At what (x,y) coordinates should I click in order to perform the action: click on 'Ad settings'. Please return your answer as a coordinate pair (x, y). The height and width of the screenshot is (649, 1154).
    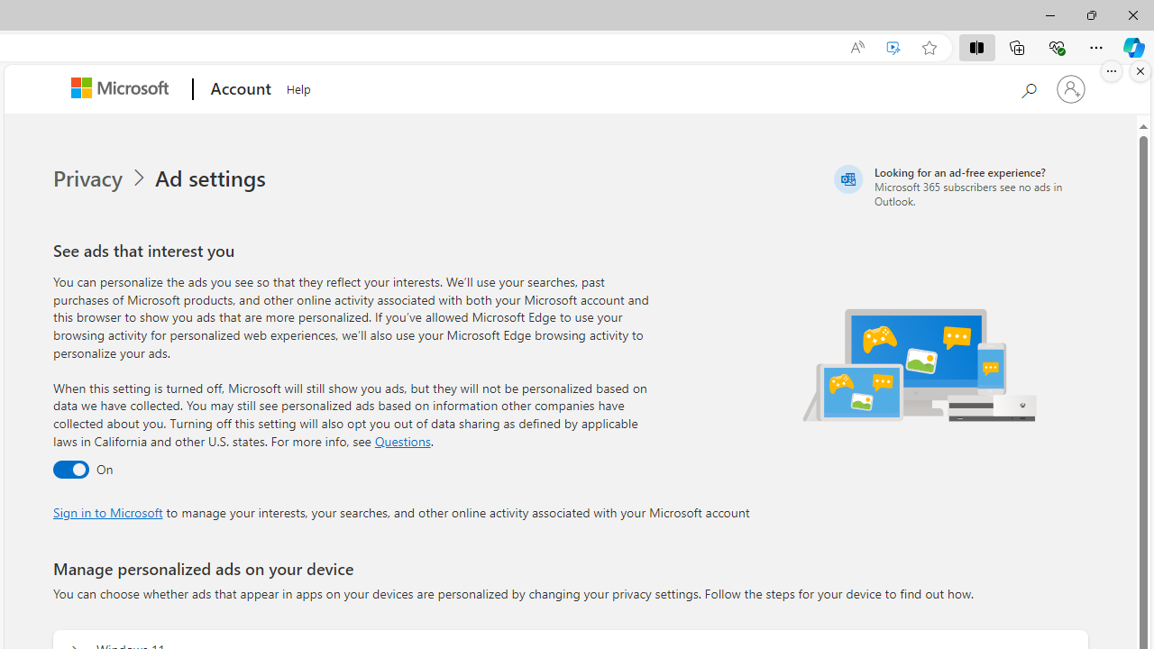
    Looking at the image, I should click on (213, 178).